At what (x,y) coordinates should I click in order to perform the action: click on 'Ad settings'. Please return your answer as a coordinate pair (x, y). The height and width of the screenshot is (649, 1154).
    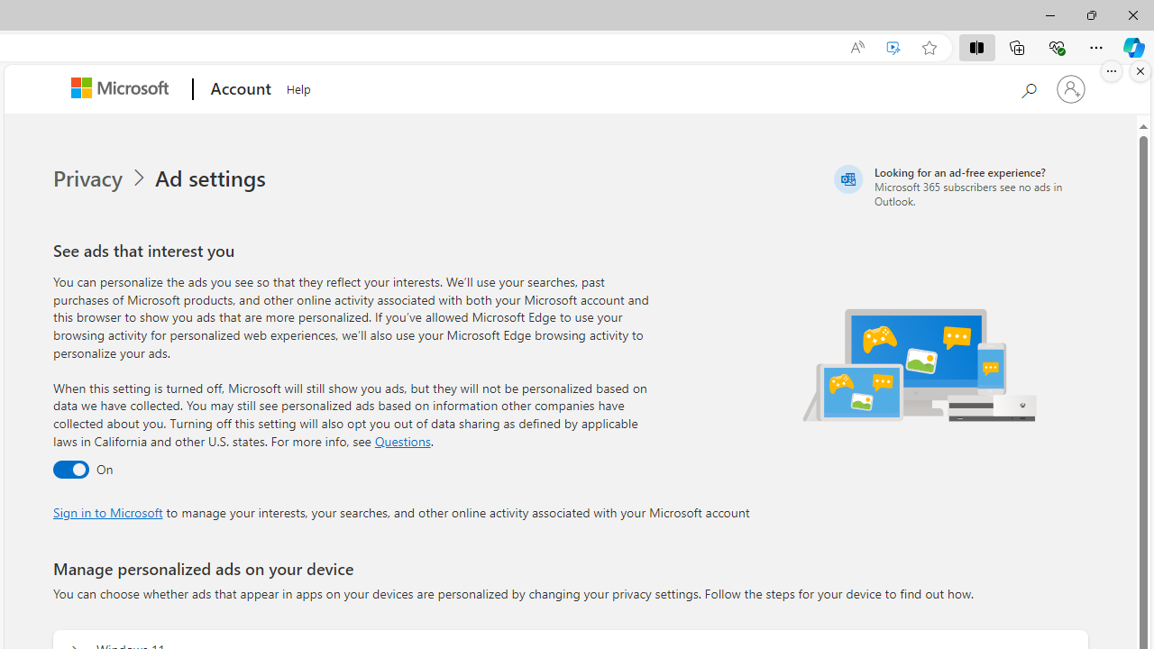
    Looking at the image, I should click on (213, 178).